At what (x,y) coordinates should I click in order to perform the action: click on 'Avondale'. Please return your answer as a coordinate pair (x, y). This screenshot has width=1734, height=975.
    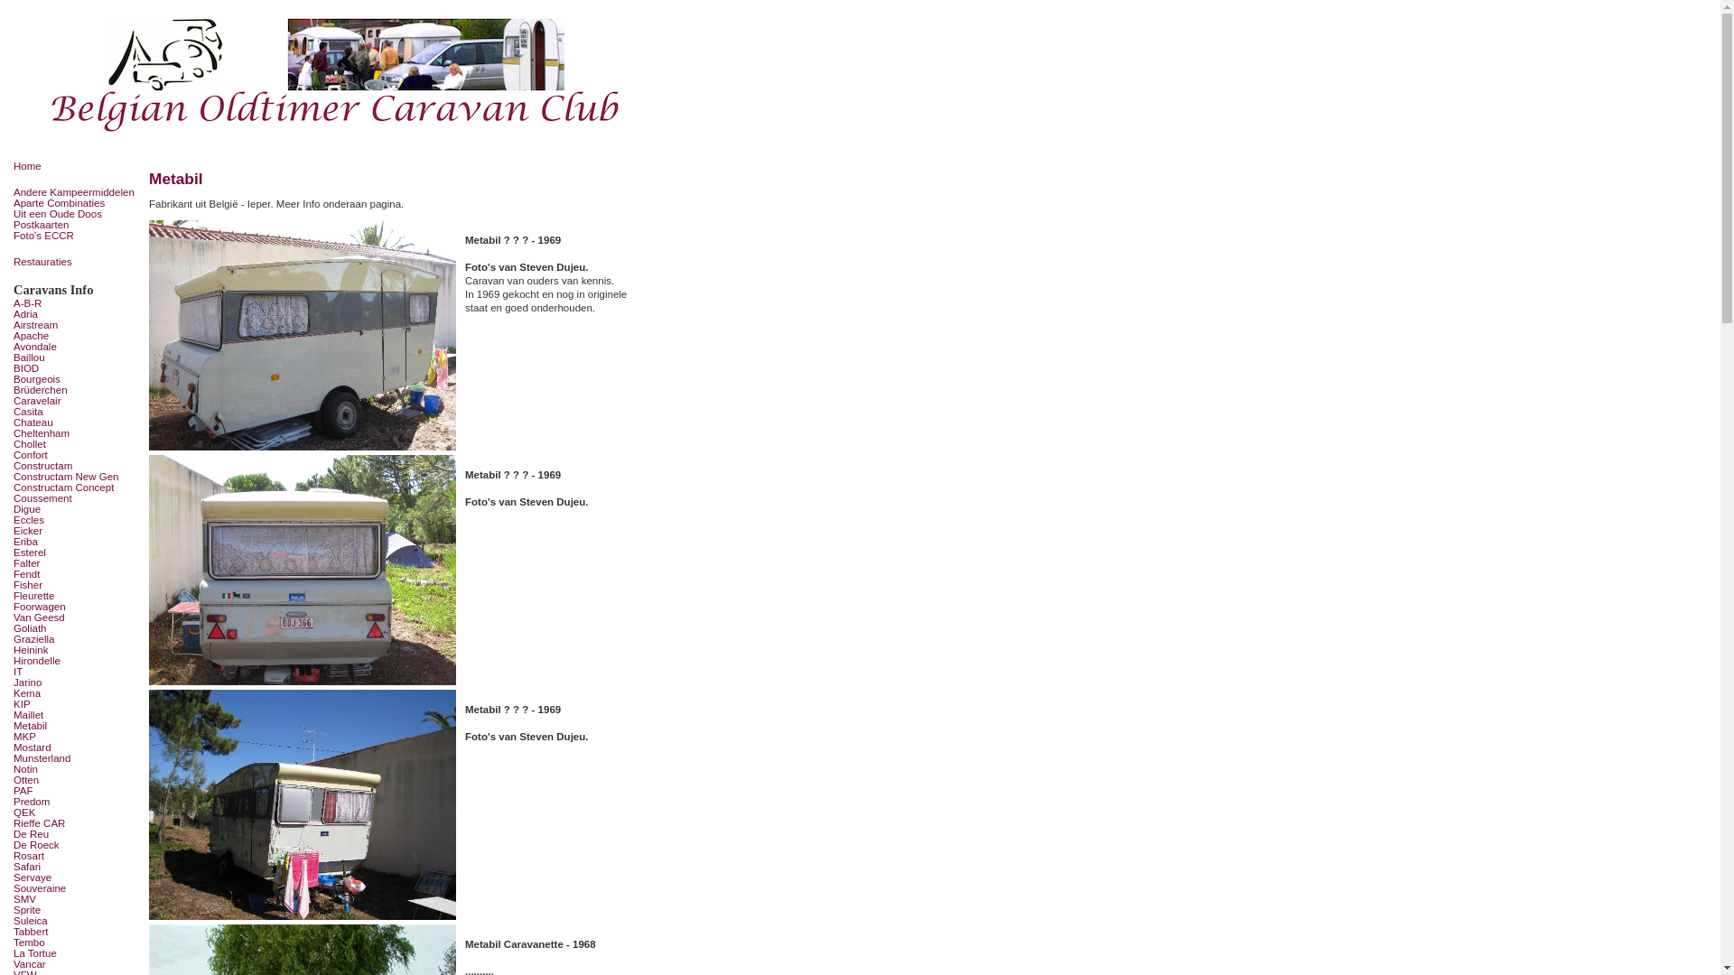
    Looking at the image, I should click on (76, 347).